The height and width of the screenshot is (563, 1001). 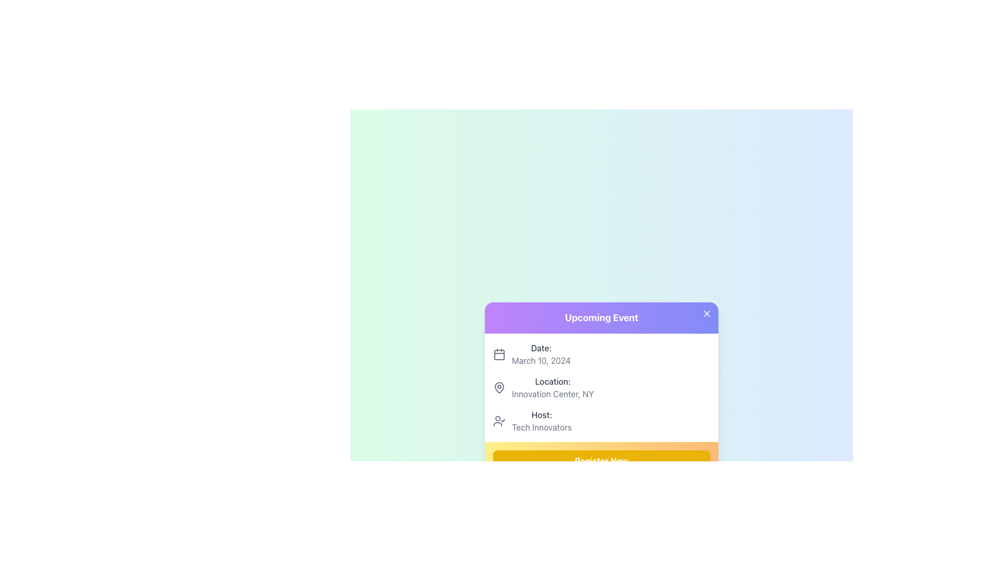 I want to click on the static text label displaying 'Upcoming Event', which is styled with bold and larger font and centered within a gradient background of purple and indigo tones, so click(x=601, y=317).